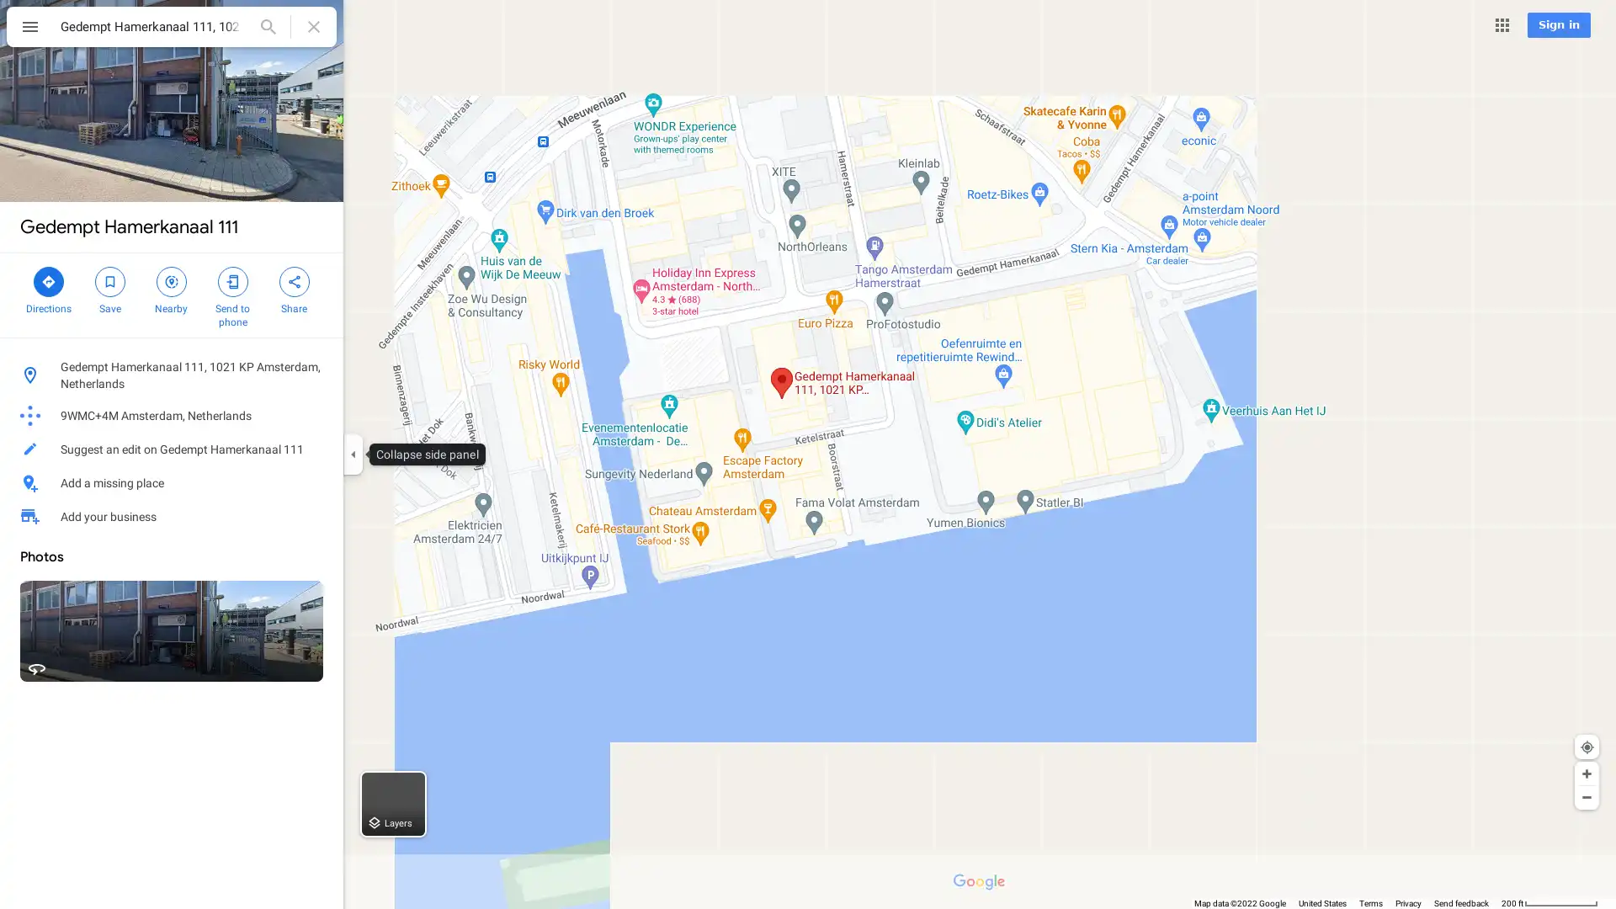  What do you see at coordinates (29, 29) in the screenshot?
I see `Menu` at bounding box center [29, 29].